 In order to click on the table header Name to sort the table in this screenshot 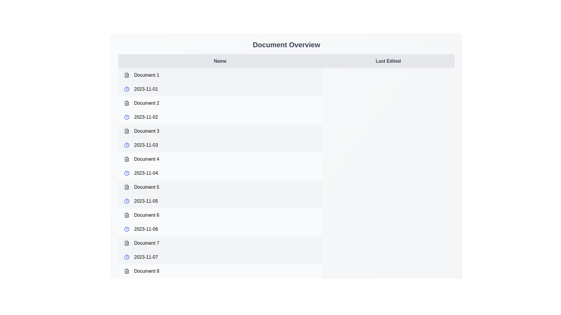, I will do `click(220, 61)`.